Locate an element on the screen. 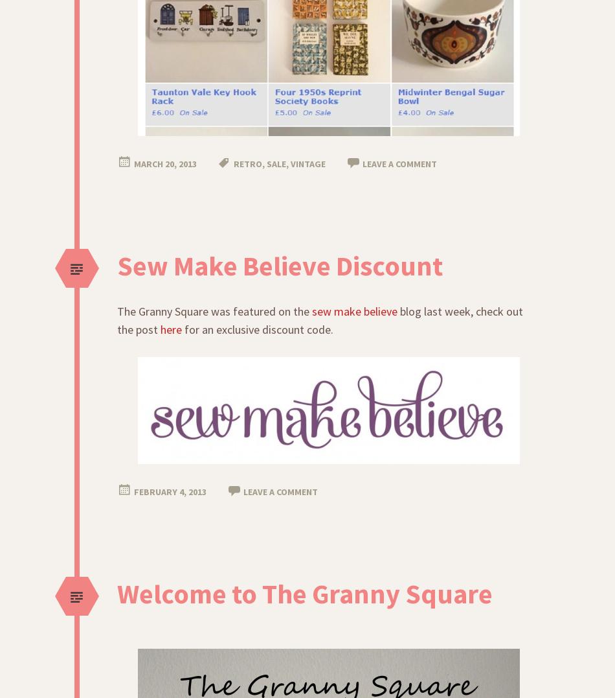 The height and width of the screenshot is (698, 615). 'sale' is located at coordinates (266, 163).